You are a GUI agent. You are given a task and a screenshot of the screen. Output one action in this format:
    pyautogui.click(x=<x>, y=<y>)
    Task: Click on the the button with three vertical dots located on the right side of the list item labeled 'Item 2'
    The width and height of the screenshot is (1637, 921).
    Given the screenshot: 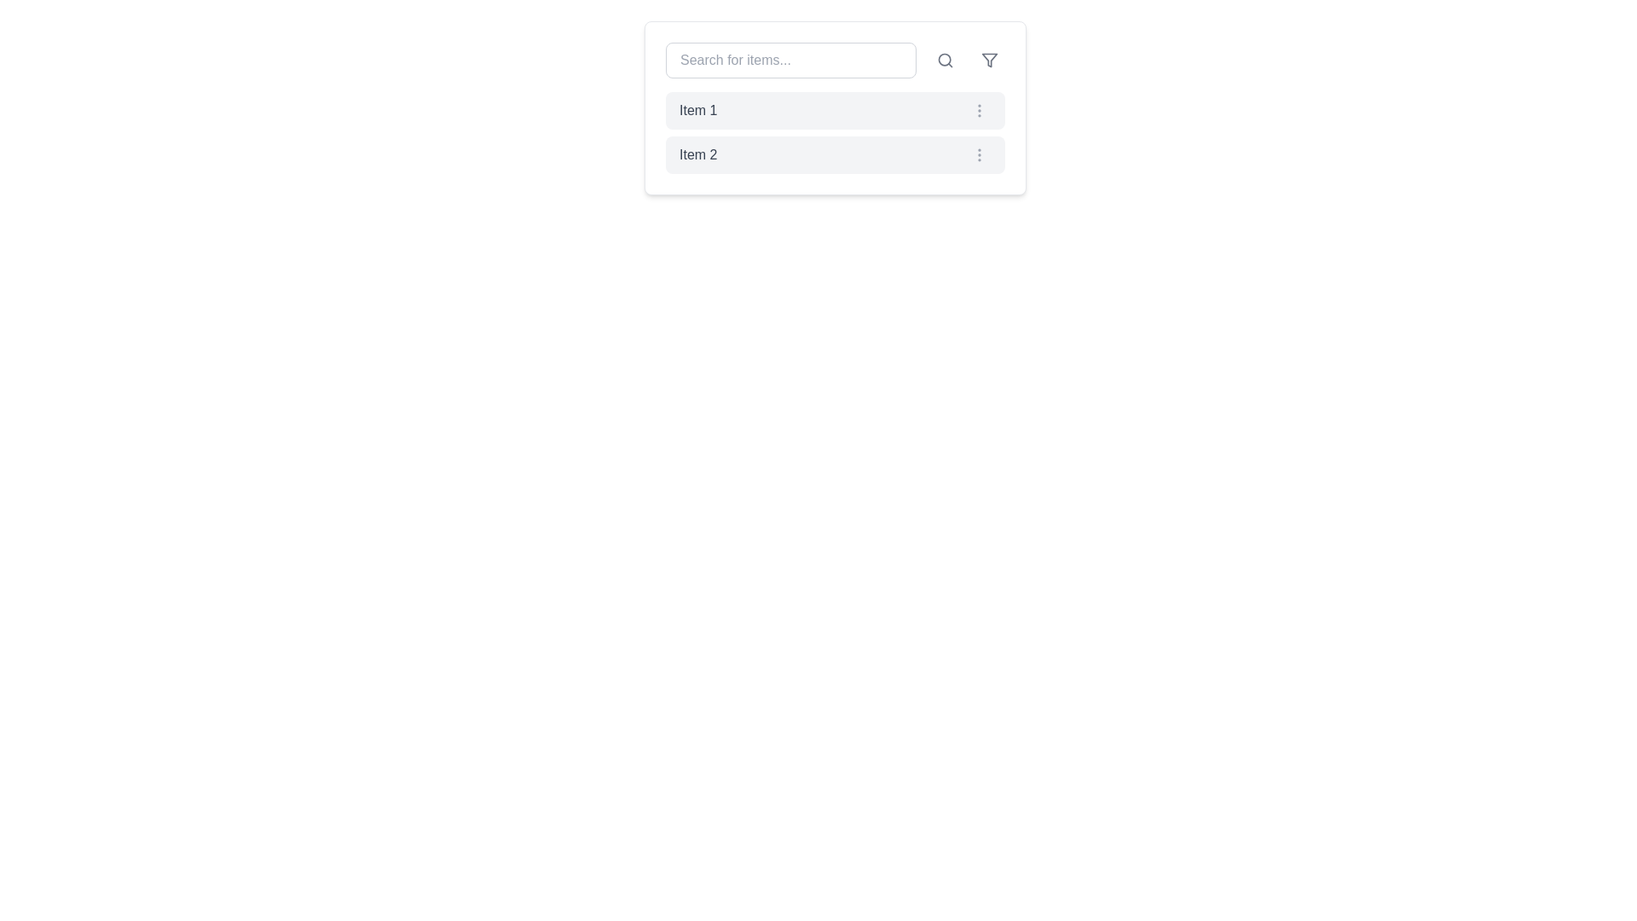 What is the action you would take?
    pyautogui.click(x=979, y=154)
    